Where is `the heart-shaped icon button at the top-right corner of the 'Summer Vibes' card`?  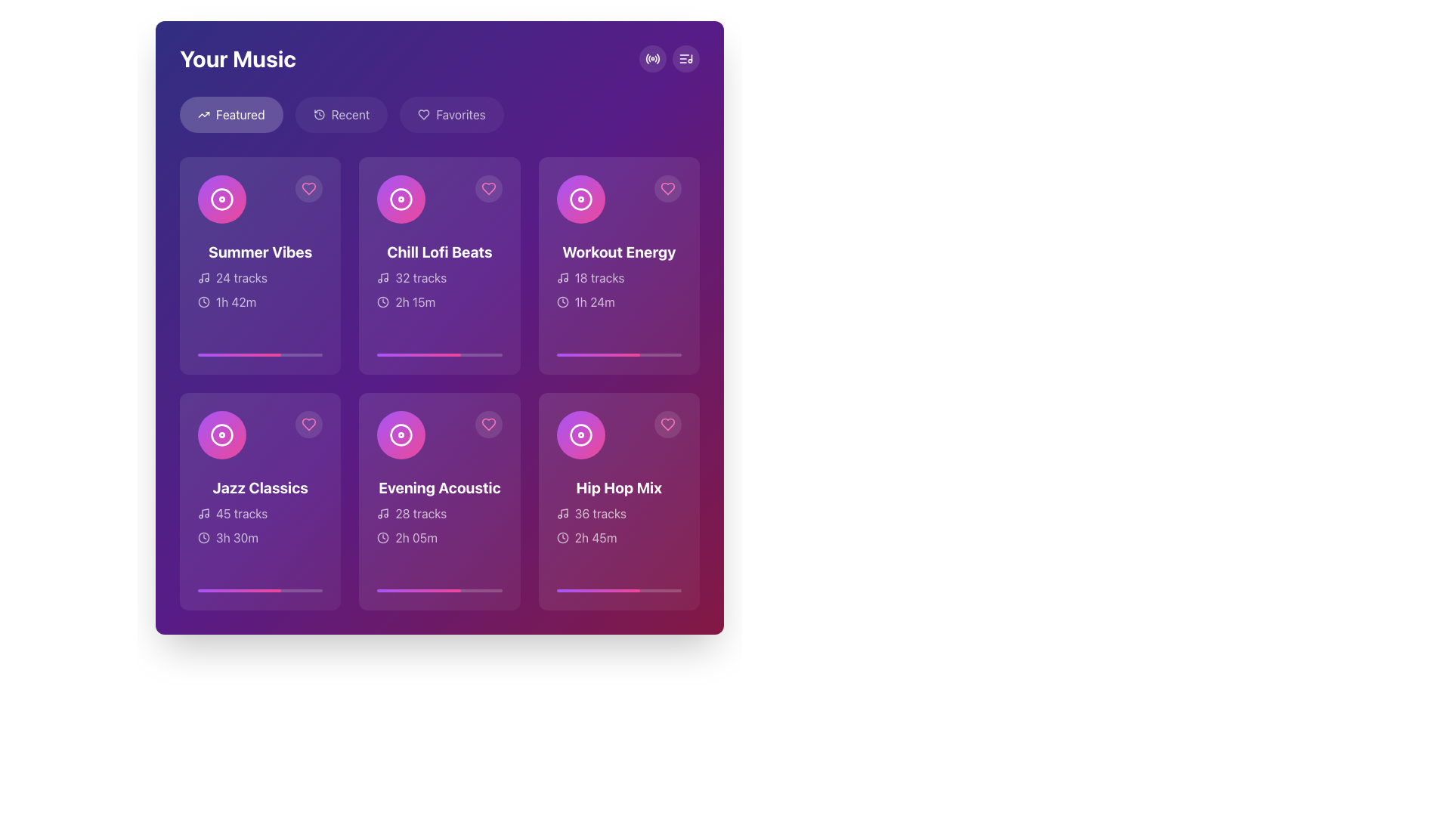
the heart-shaped icon button at the top-right corner of the 'Summer Vibes' card is located at coordinates (308, 188).